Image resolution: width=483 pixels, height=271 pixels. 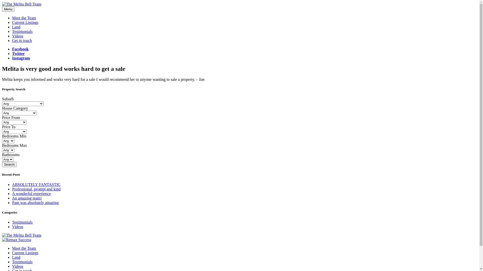 What do you see at coordinates (22, 261) in the screenshot?
I see `'Testimonials'` at bounding box center [22, 261].